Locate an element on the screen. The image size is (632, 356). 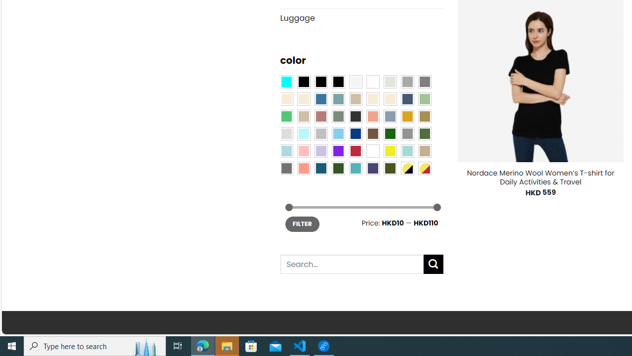
'Dusty Blue' is located at coordinates (389, 115).